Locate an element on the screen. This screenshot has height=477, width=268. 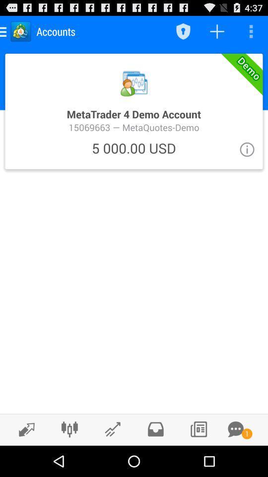
the chat icon is located at coordinates (235, 459).